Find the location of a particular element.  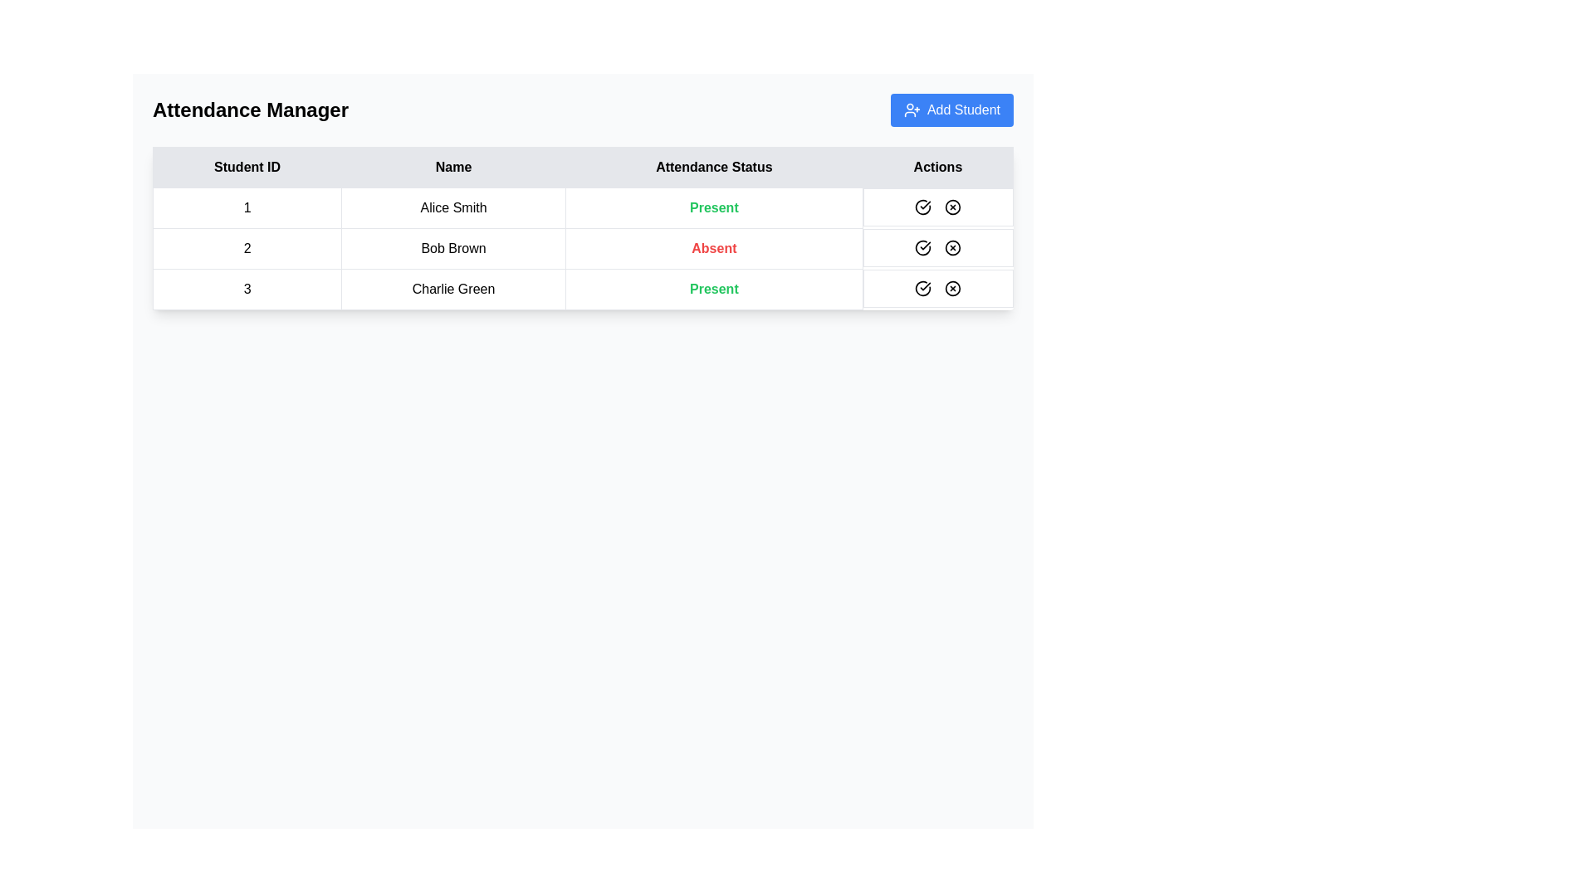

the 'Attendance Manager' text label, which serves as the title for the interface, located at the top-left of the page is located at coordinates (250, 110).